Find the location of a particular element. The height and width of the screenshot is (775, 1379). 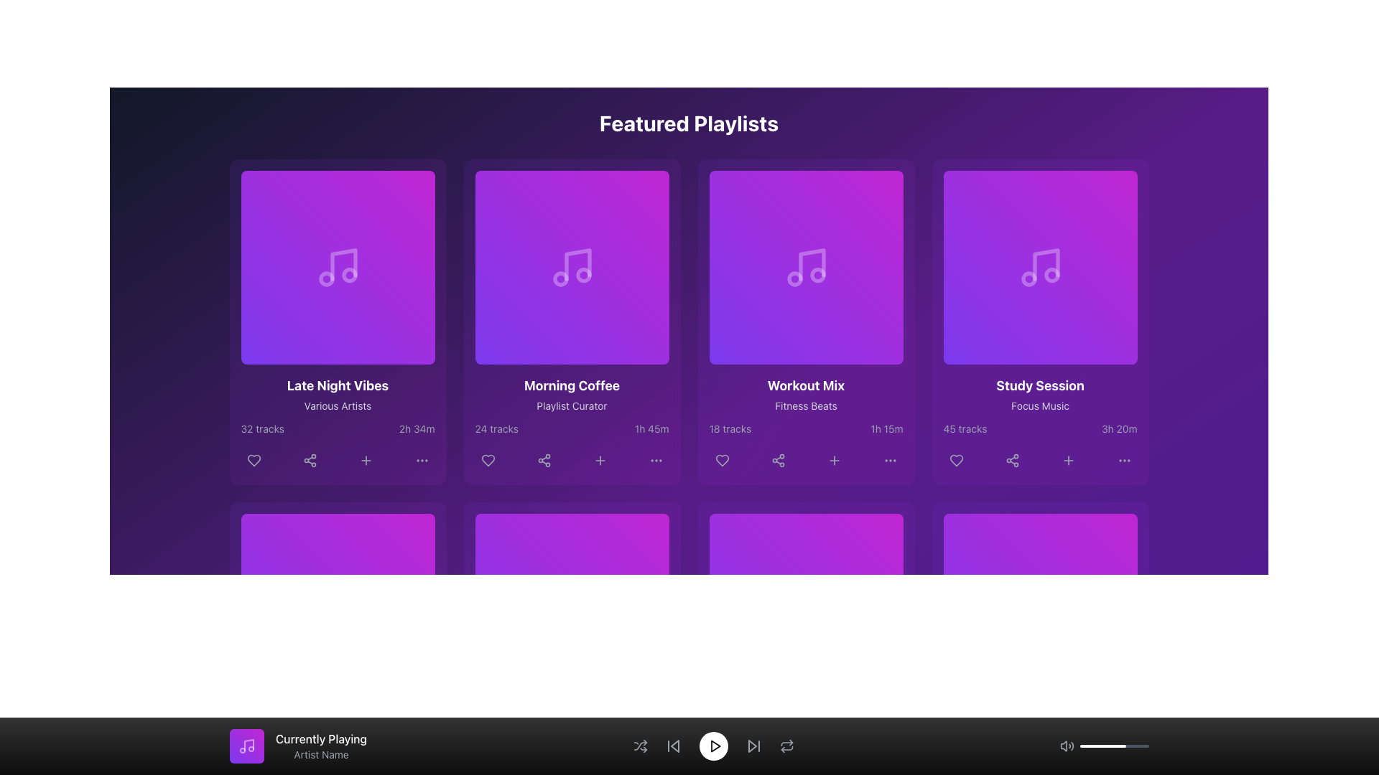

text label 'Fitness Beats' which is styled in light gray on a purple background, located below the 'Workout Mix' title in the third playlist card is located at coordinates (806, 406).